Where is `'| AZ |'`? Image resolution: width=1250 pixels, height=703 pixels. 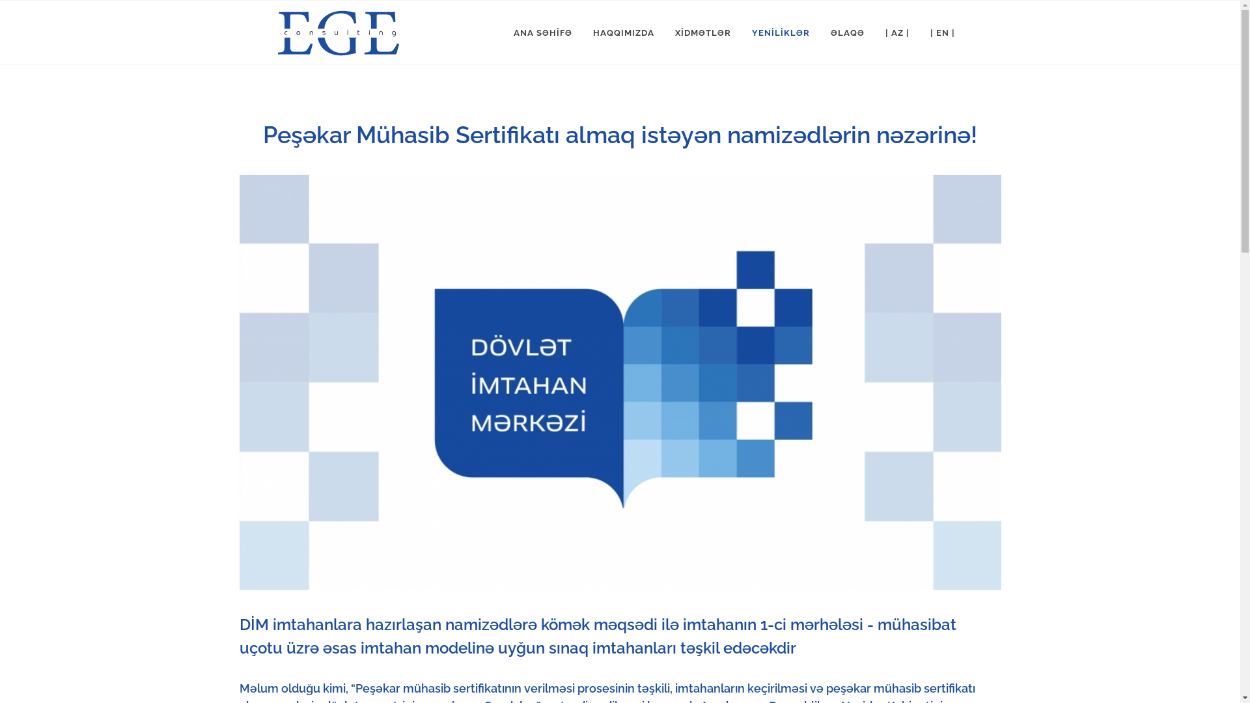
'| AZ |' is located at coordinates (896, 32).